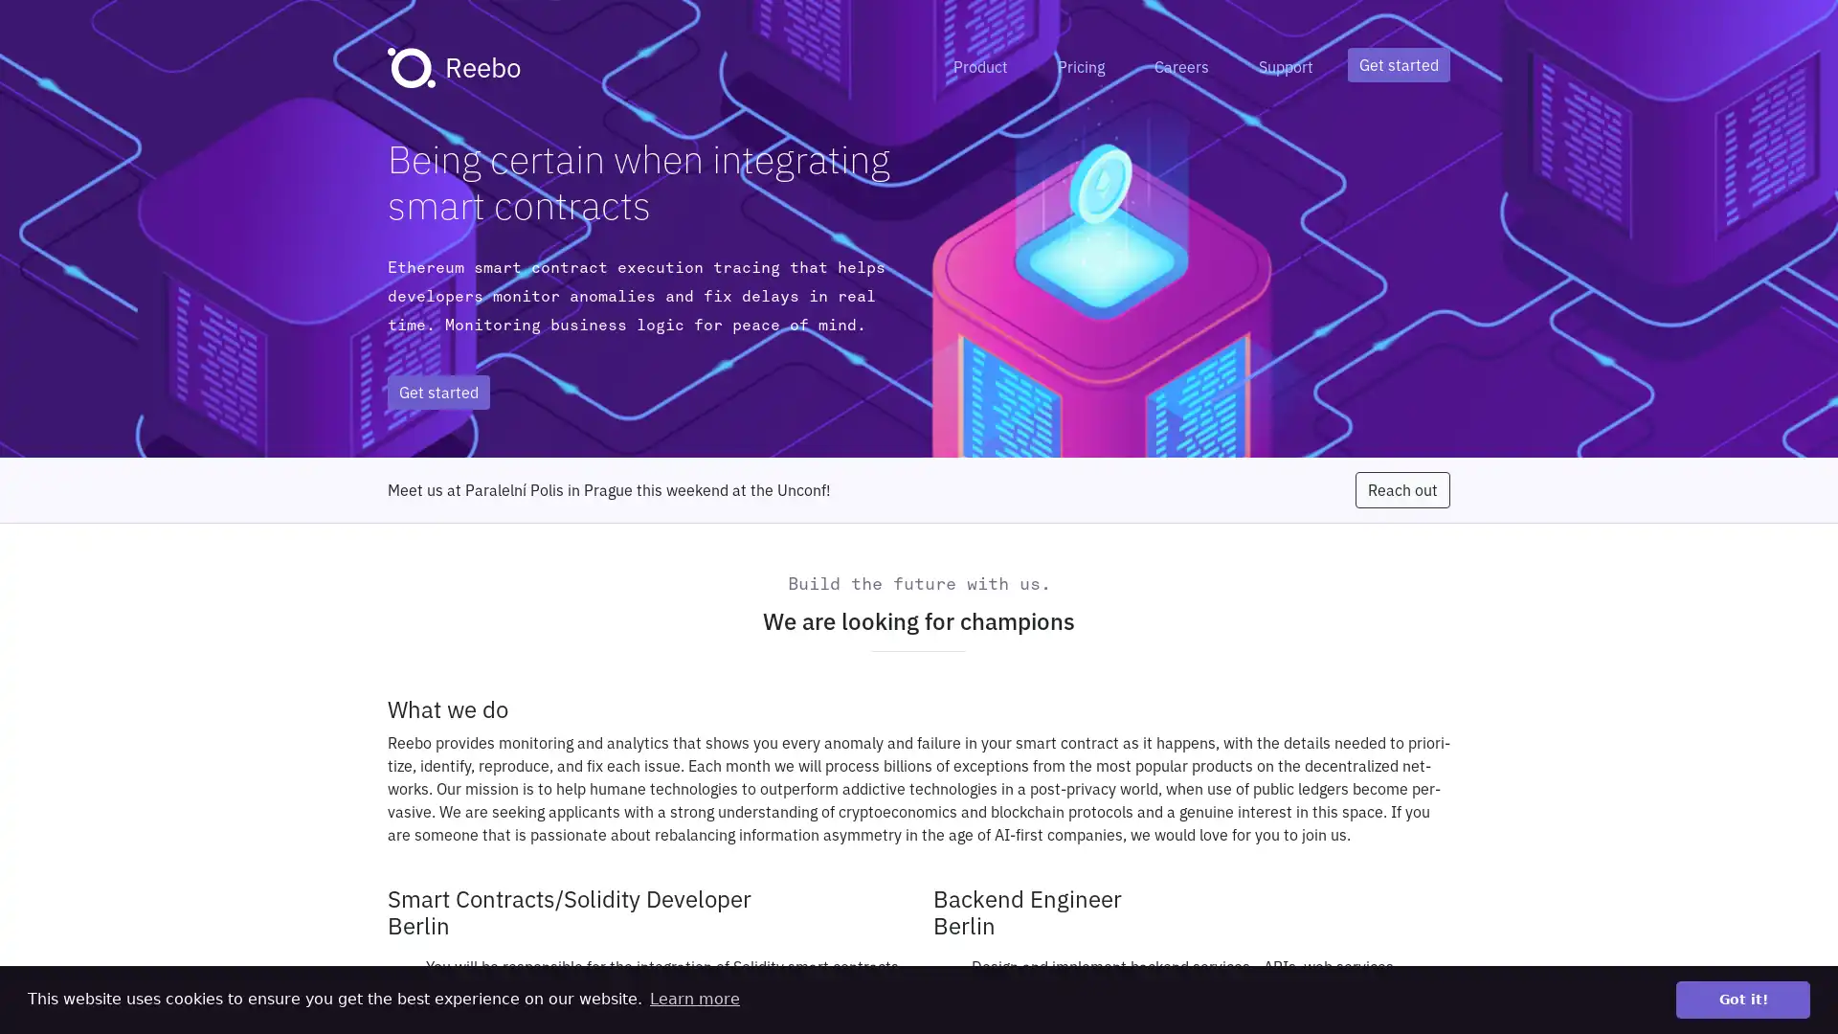 Image resolution: width=1838 pixels, height=1034 pixels. I want to click on Get started, so click(1399, 64).